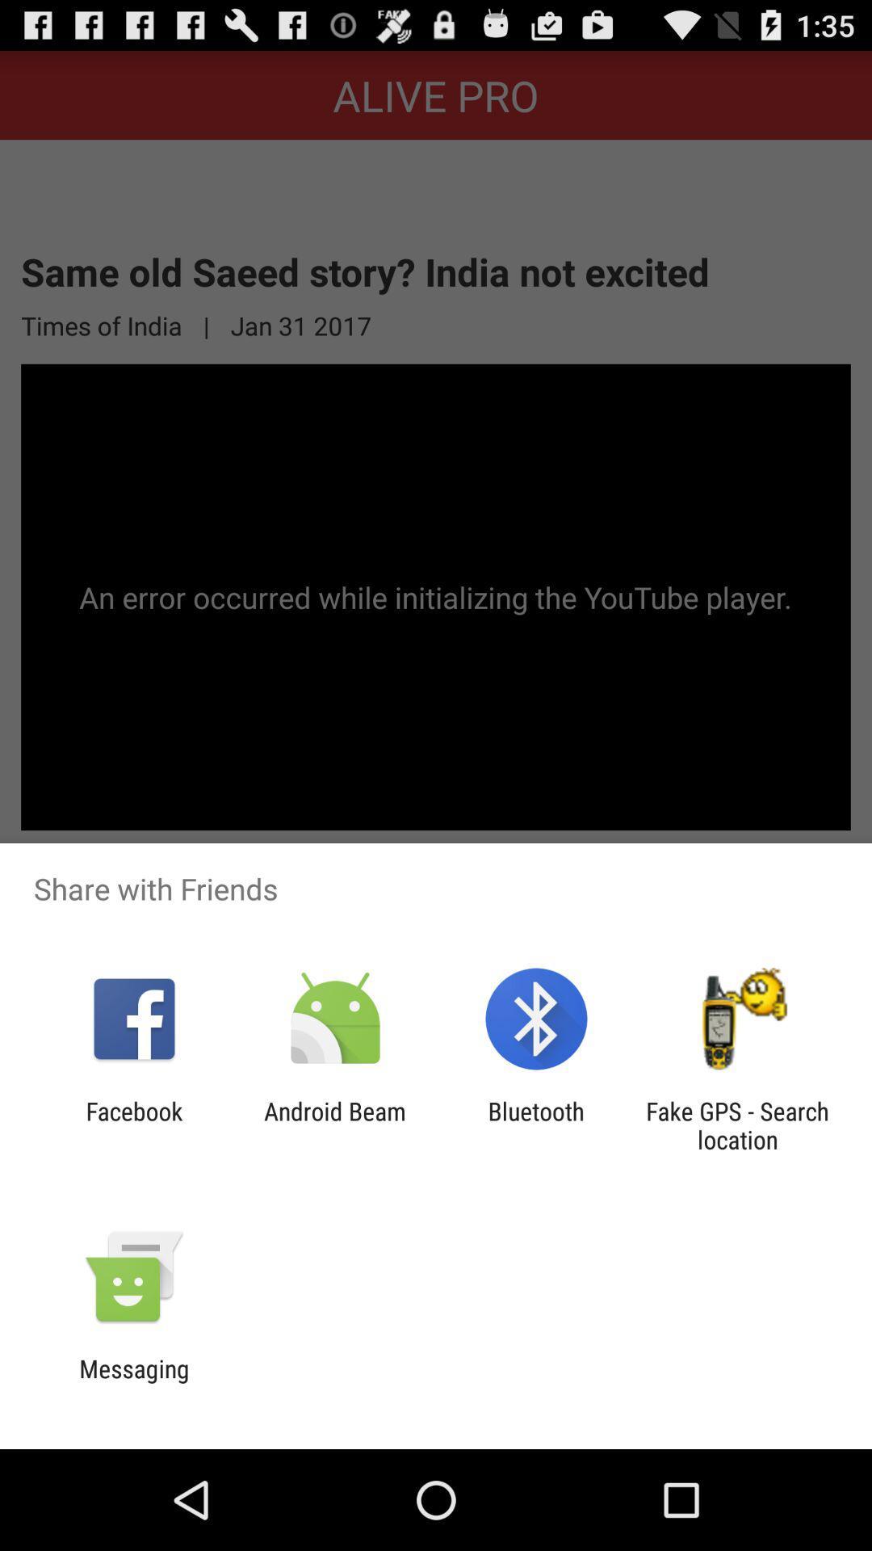  Describe the element at coordinates (133, 1382) in the screenshot. I see `messaging` at that location.